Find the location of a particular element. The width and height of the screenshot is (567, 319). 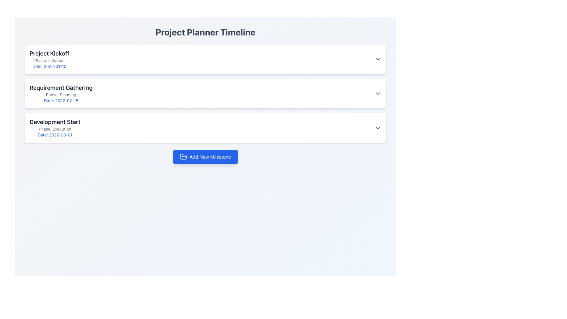

the folder icon with a blue background located to the left of the 'Add New Milestone' button at the bottom center of the interface is located at coordinates (183, 157).